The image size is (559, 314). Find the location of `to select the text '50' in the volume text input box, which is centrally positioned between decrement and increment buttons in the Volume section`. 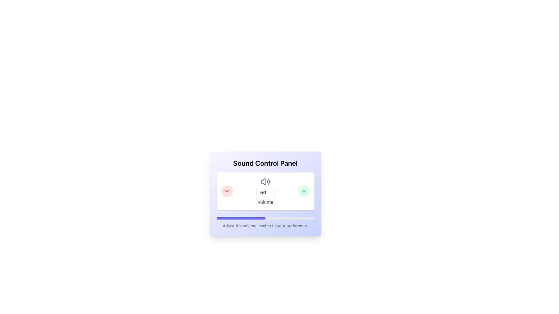

to select the text '50' in the volume text input box, which is centrally positioned between decrement and increment buttons in the Volume section is located at coordinates (265, 192).